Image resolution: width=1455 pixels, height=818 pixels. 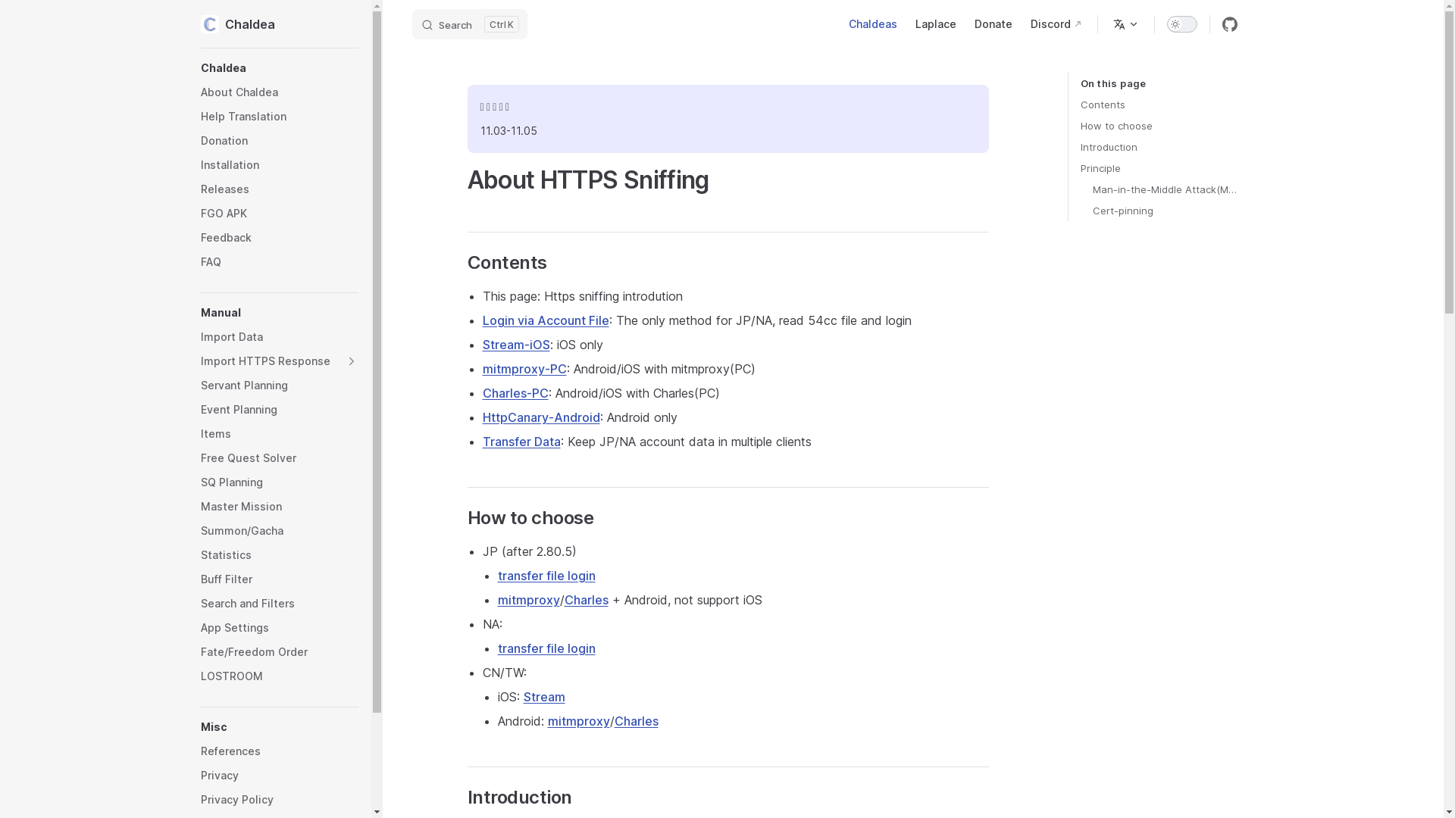 I want to click on 'Help Translation', so click(x=279, y=116).